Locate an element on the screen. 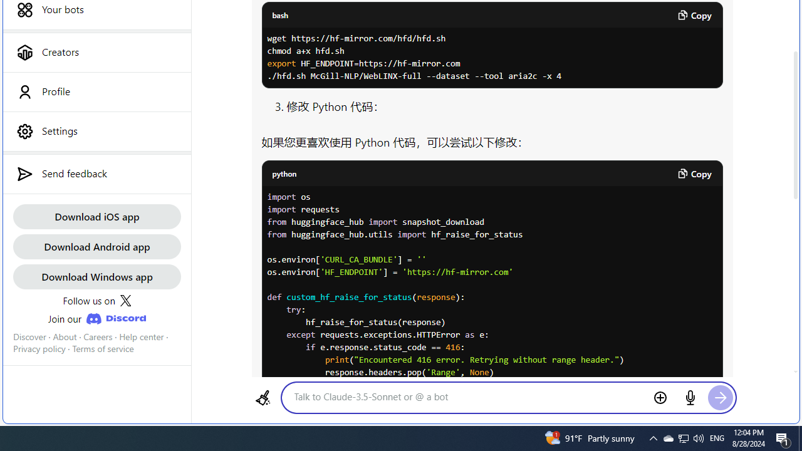 The width and height of the screenshot is (802, 451). 'Join our' is located at coordinates (96, 318).